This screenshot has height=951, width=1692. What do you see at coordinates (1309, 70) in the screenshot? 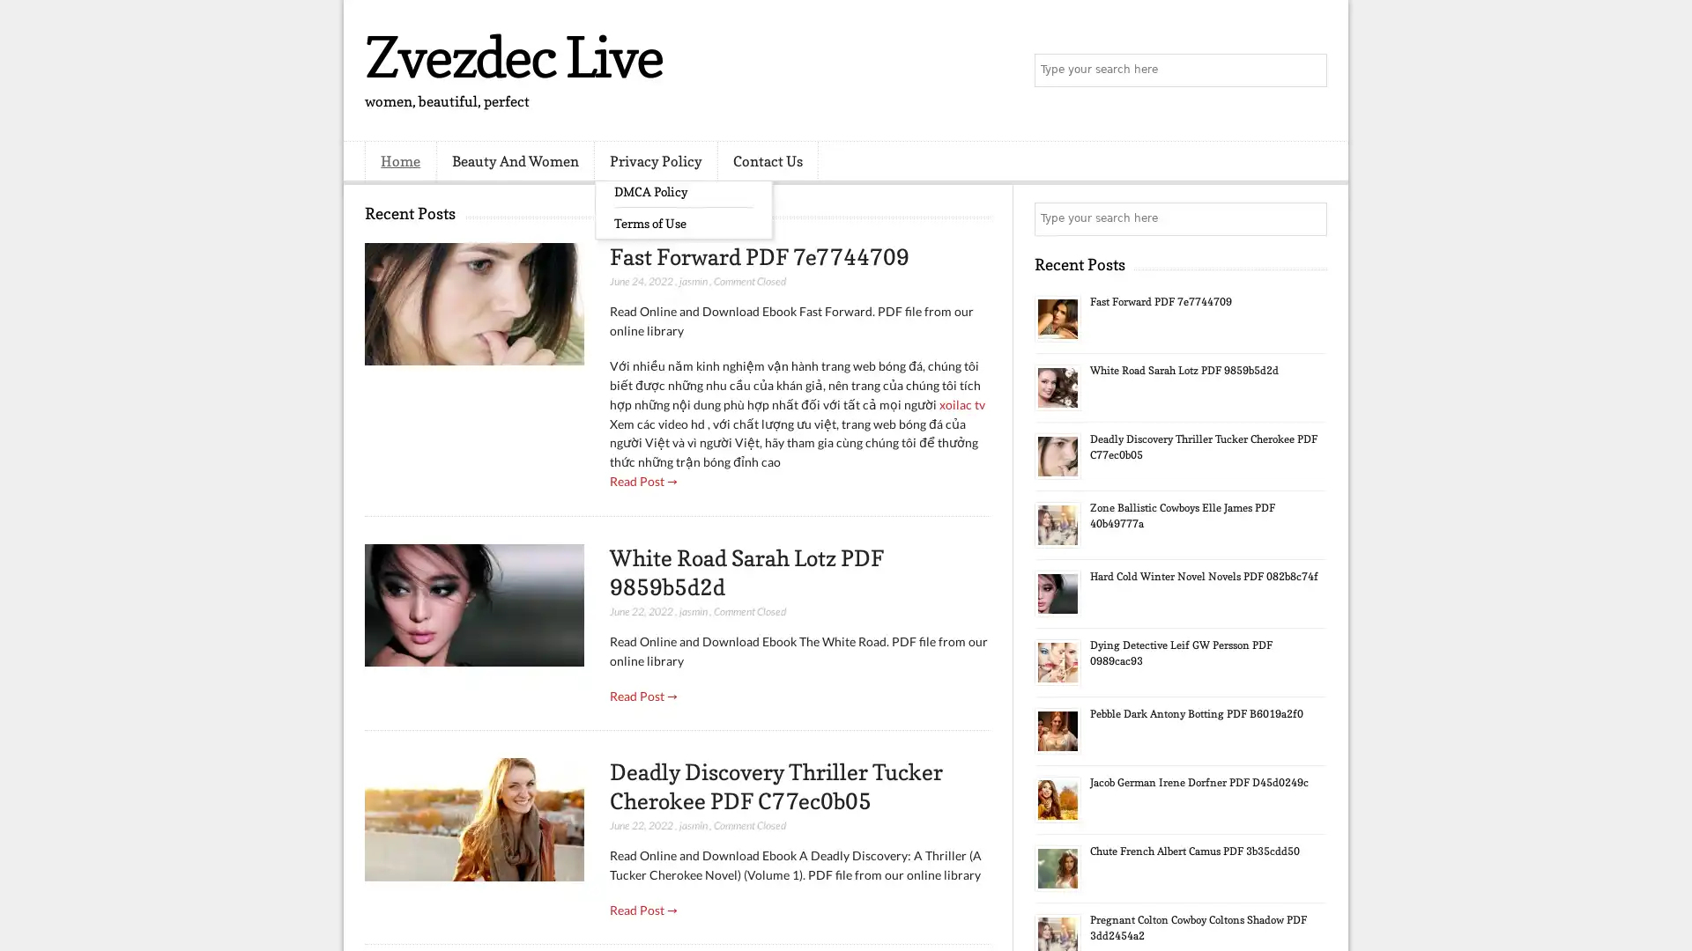
I see `Search` at bounding box center [1309, 70].